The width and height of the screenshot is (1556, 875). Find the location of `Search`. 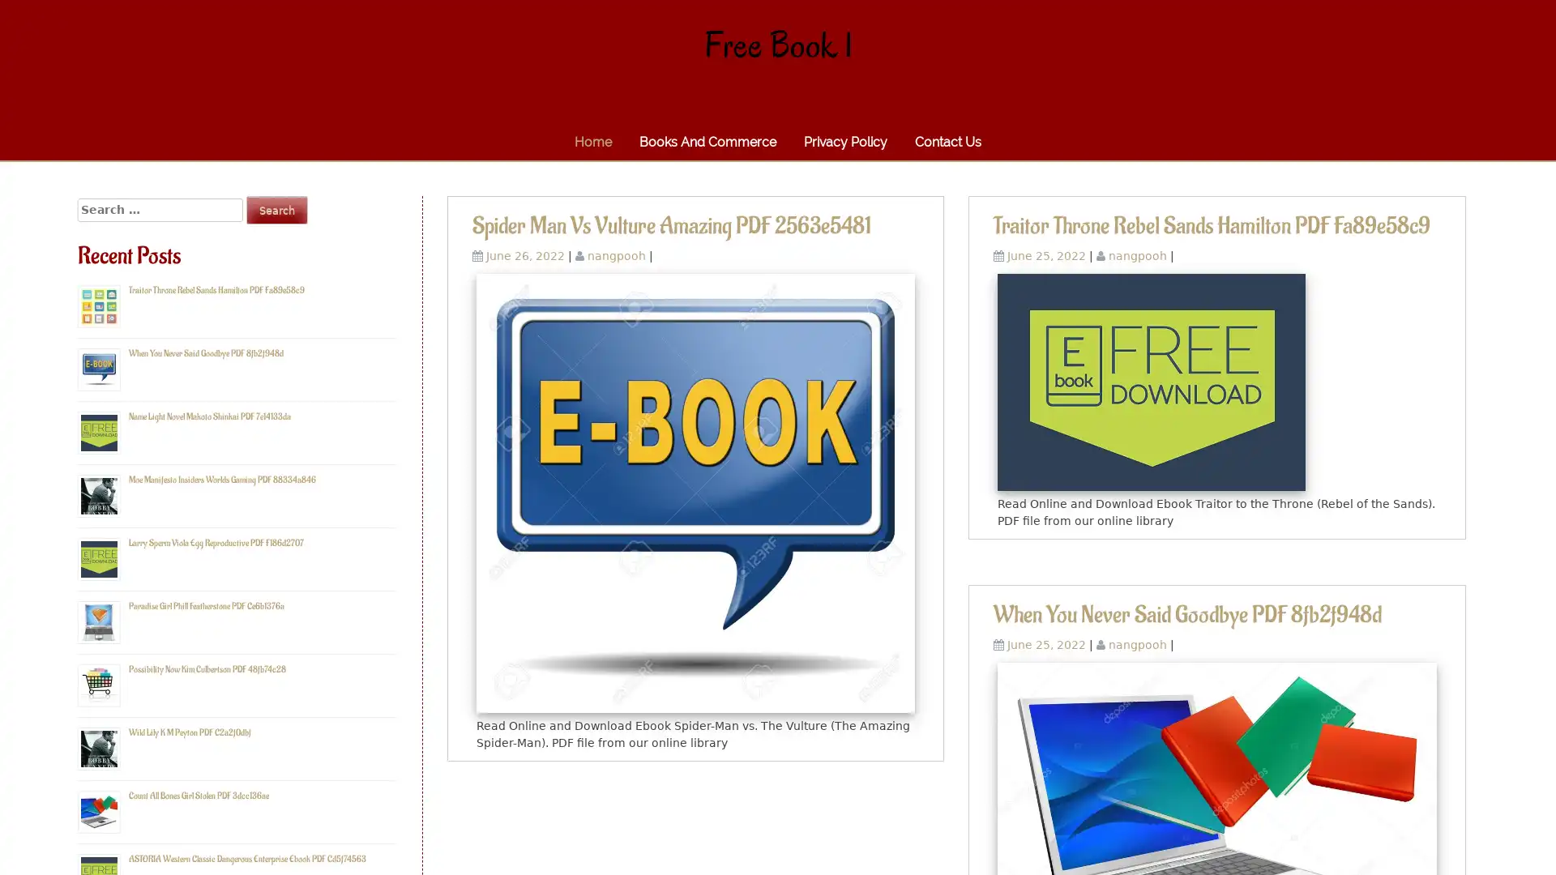

Search is located at coordinates (276, 209).